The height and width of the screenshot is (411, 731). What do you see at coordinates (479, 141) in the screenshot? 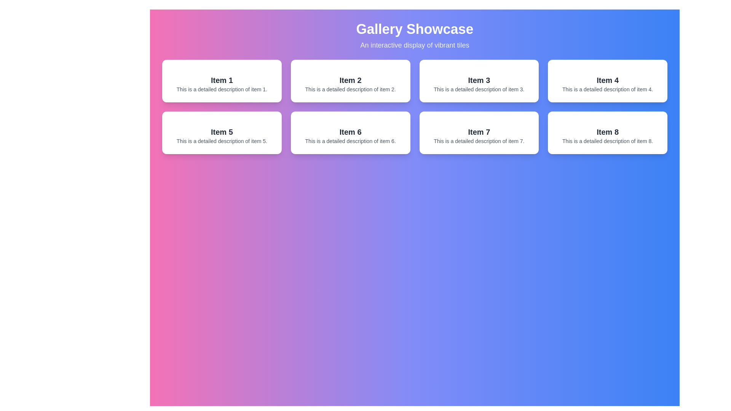
I see `the text displaying 'This is a detailed description of item 7.' located within the card labeled 'Item 7' in the gallery showcase` at bounding box center [479, 141].